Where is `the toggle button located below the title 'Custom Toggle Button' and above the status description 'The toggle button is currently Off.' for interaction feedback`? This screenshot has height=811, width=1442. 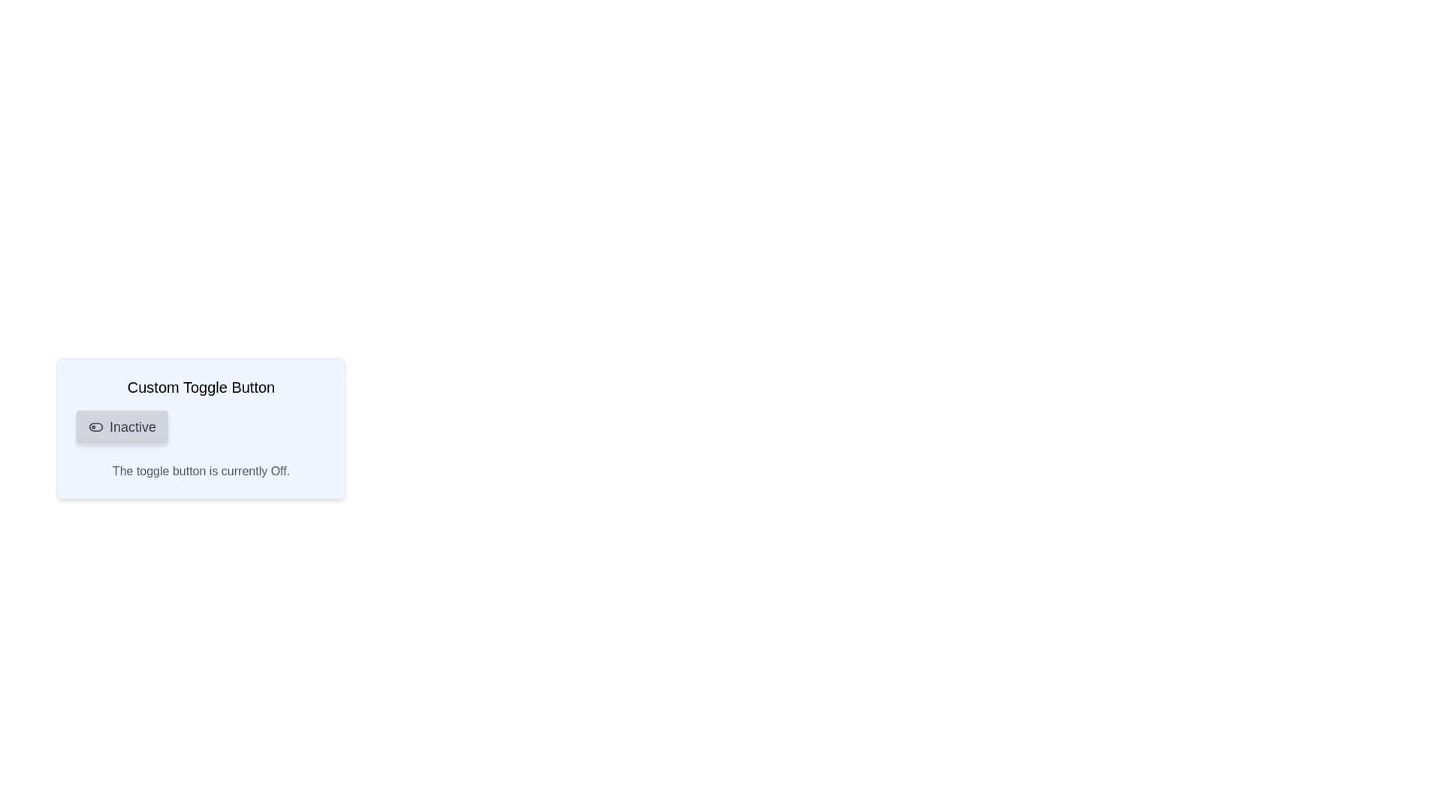 the toggle button located below the title 'Custom Toggle Button' and above the status description 'The toggle button is currently Off.' for interaction feedback is located at coordinates (122, 427).